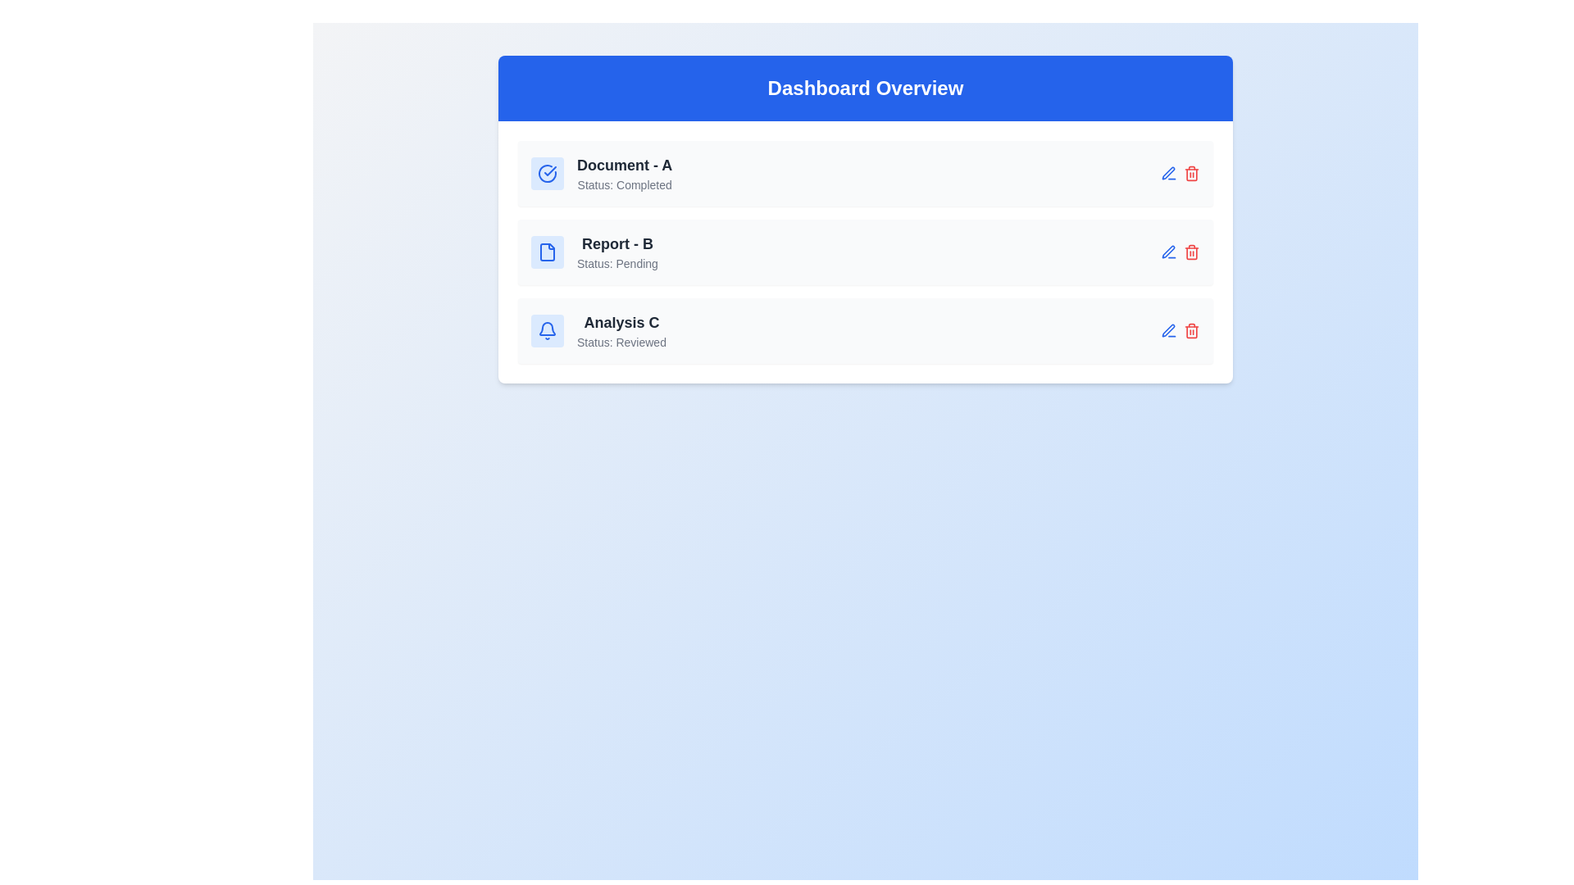 The height and width of the screenshot is (885, 1574). I want to click on the displayed content of the Informational display block titled 'Report - B' with status 'Pending', which is the second element in a vertical list of components, so click(594, 252).